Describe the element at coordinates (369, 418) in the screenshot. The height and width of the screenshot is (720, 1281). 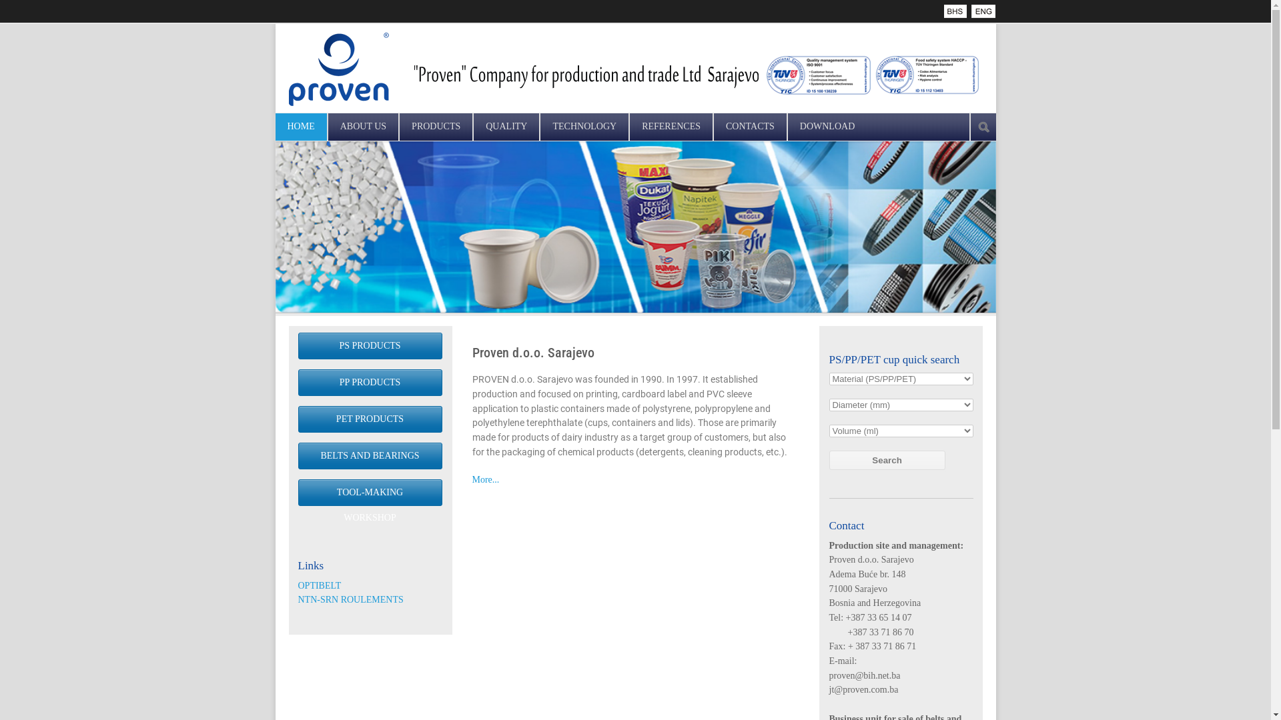
I see `'PET PRODUCTS'` at that location.